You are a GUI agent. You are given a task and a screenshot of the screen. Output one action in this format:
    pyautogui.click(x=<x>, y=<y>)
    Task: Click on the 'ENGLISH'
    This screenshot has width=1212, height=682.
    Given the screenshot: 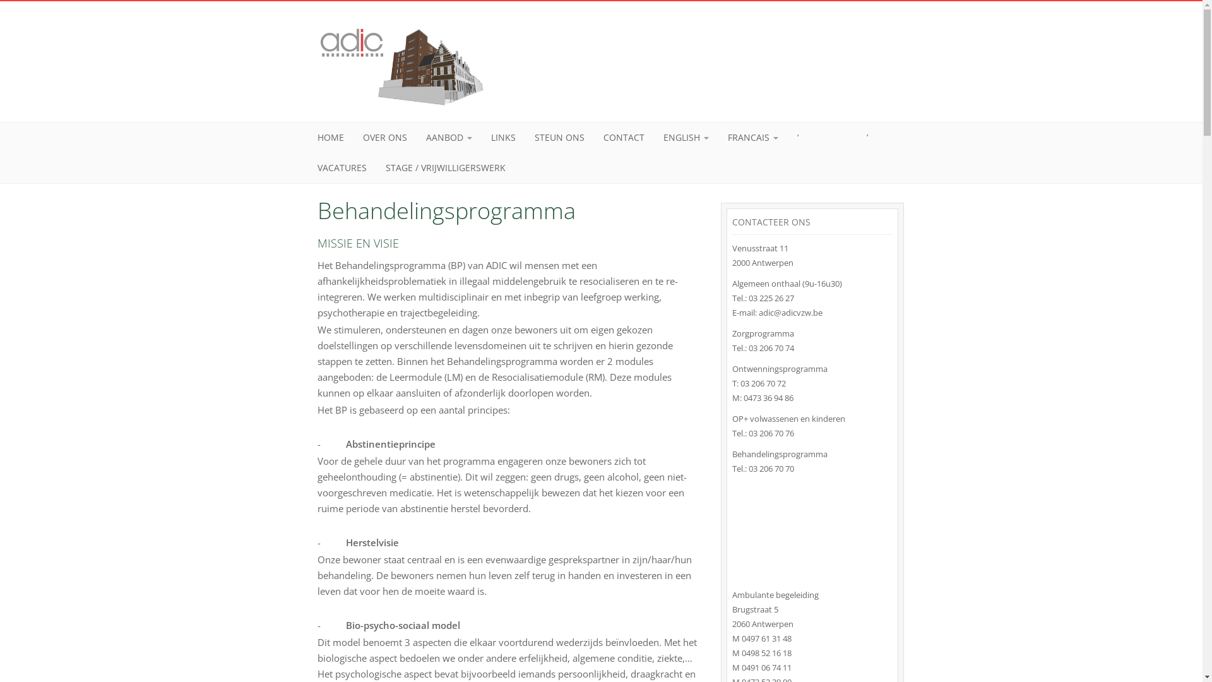 What is the action you would take?
    pyautogui.click(x=685, y=138)
    